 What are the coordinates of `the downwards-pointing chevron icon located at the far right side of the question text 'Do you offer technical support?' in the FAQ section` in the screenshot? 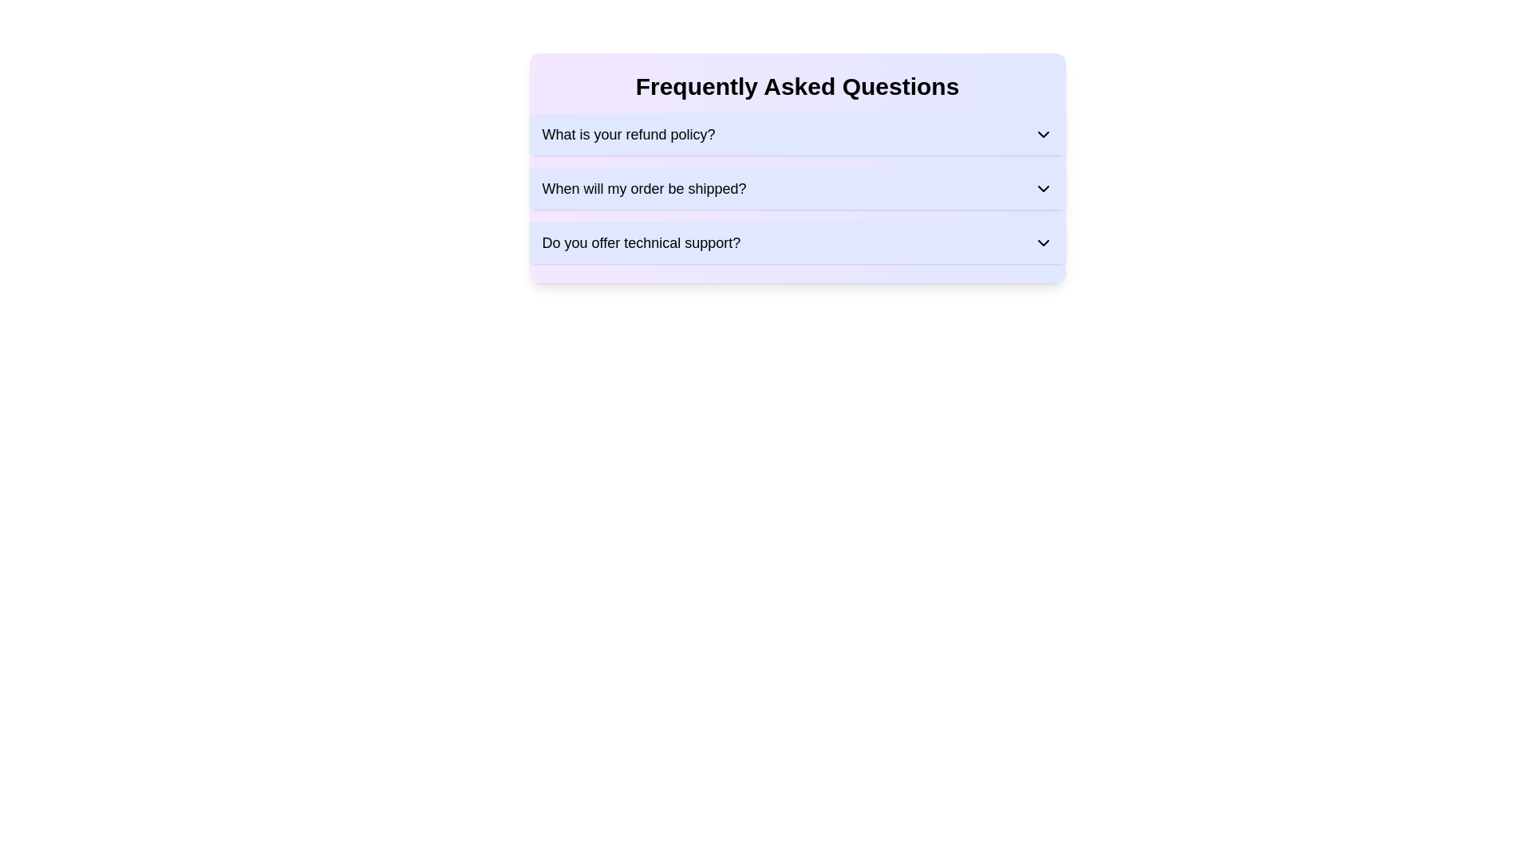 It's located at (1043, 242).